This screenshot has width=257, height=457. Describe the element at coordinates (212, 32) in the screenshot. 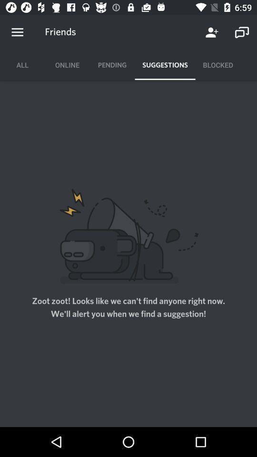

I see `the icon to the right of the friends` at that location.